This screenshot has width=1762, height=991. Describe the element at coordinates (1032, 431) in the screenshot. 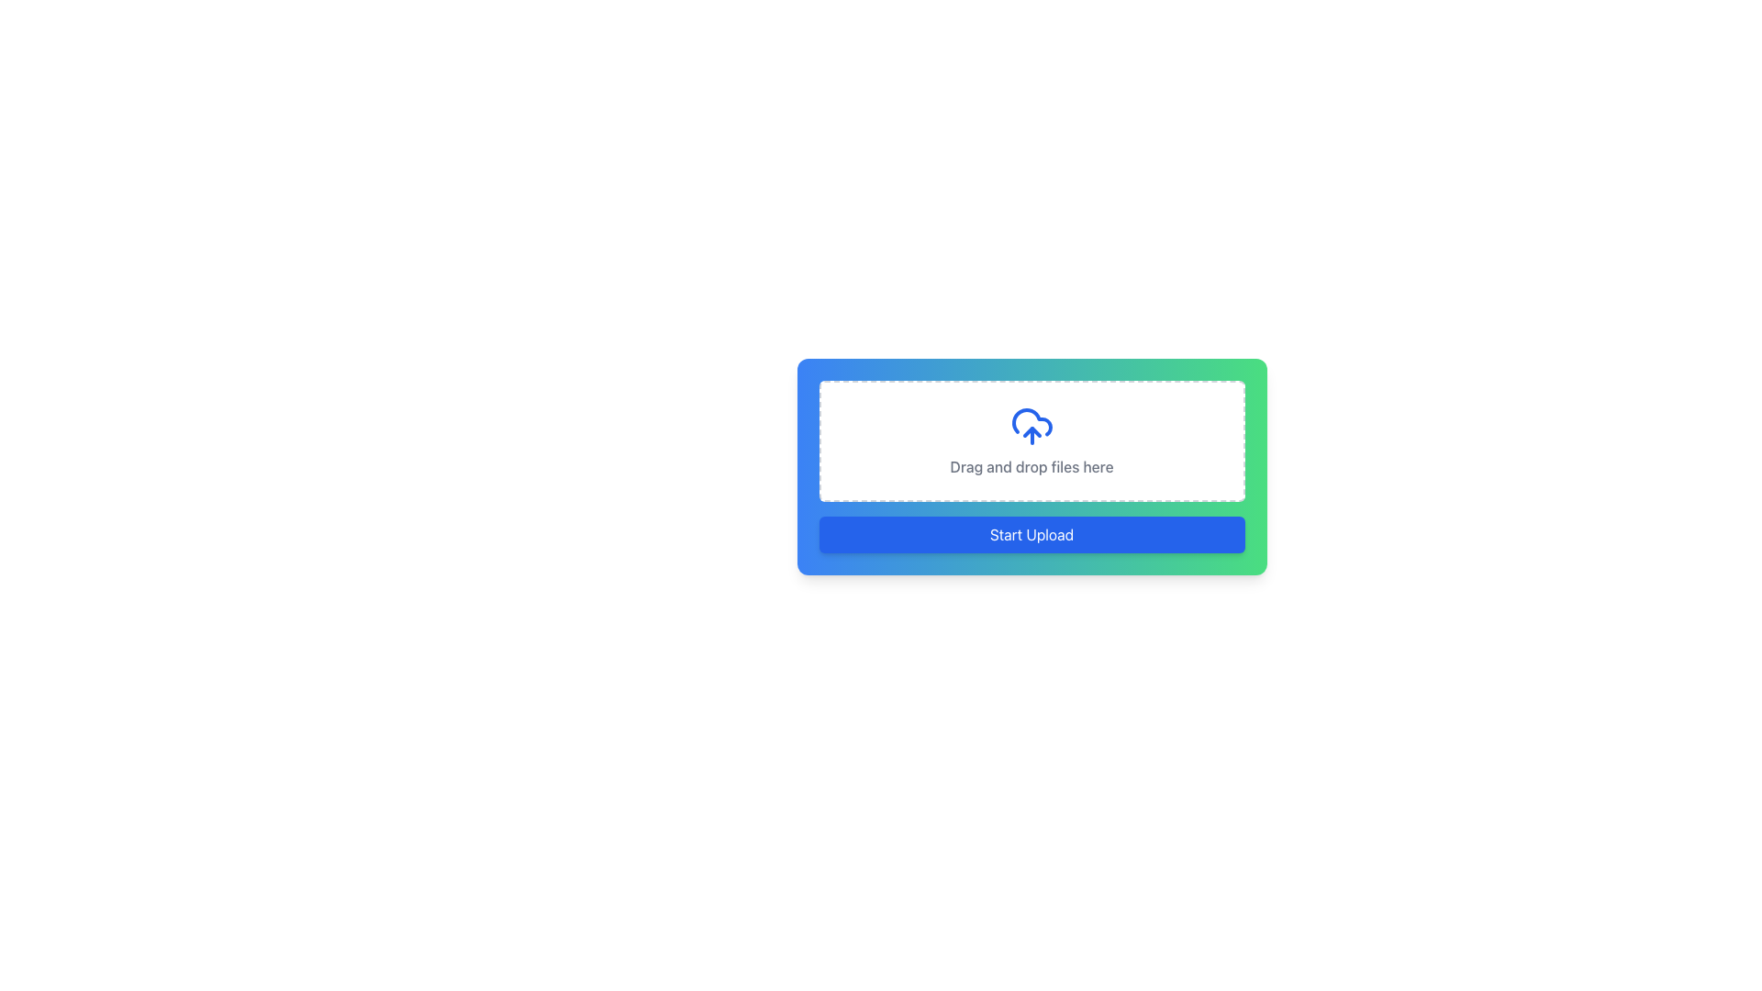

I see `the triangular arrow located within the central area of the cloud-shaped icon in the placeholder section of the interface` at that location.